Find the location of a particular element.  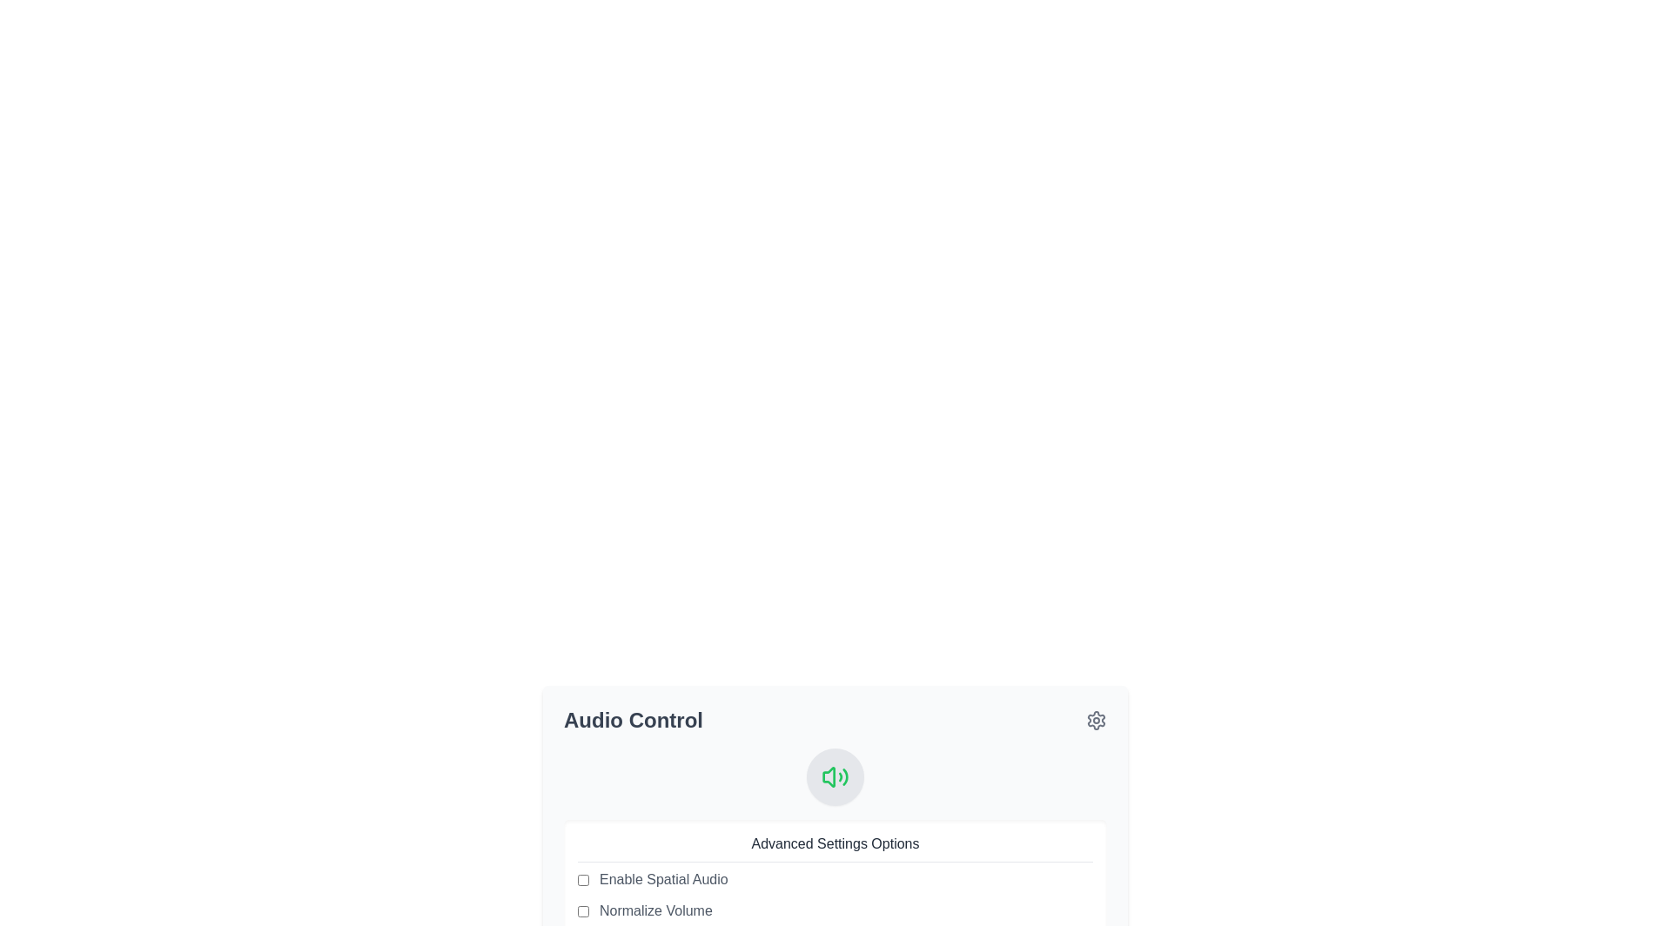

the Settings icon located is located at coordinates (1095, 721).